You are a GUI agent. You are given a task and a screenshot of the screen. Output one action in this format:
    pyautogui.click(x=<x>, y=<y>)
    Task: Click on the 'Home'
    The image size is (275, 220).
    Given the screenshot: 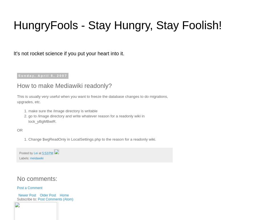 What is the action you would take?
    pyautogui.click(x=64, y=195)
    